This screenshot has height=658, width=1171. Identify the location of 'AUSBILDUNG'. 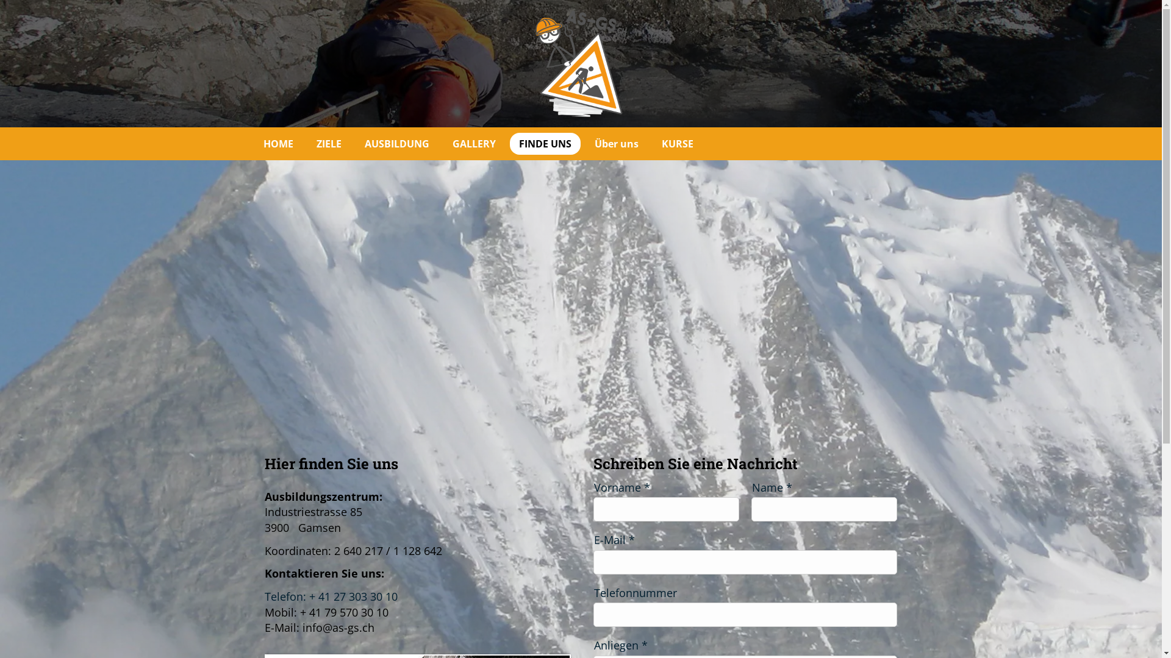
(396, 143).